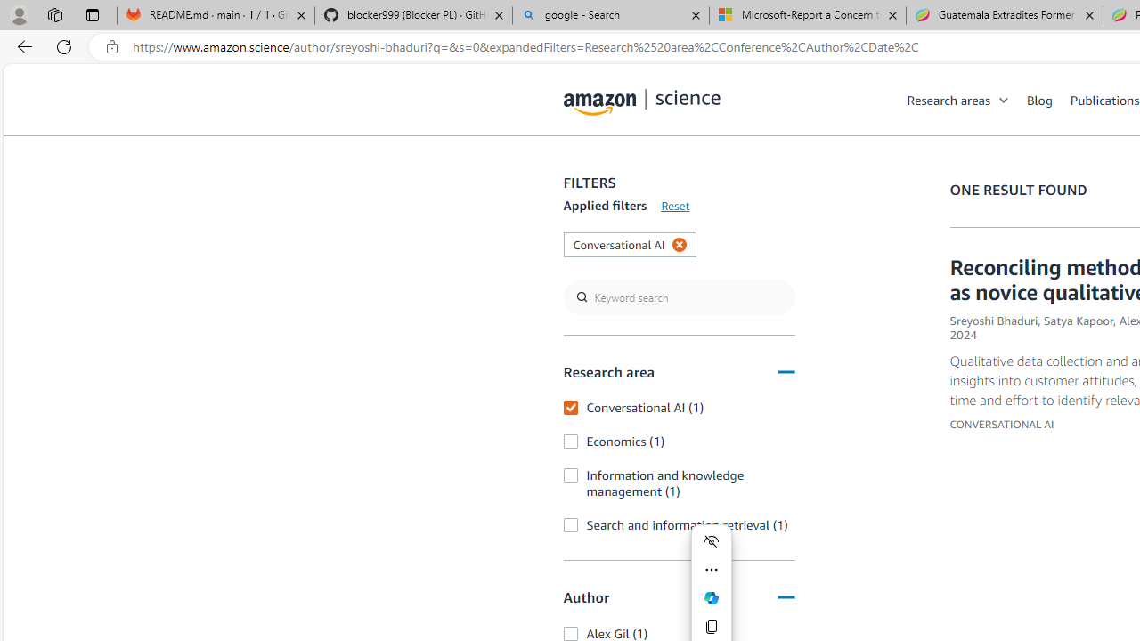  I want to click on 'search', so click(678, 296).